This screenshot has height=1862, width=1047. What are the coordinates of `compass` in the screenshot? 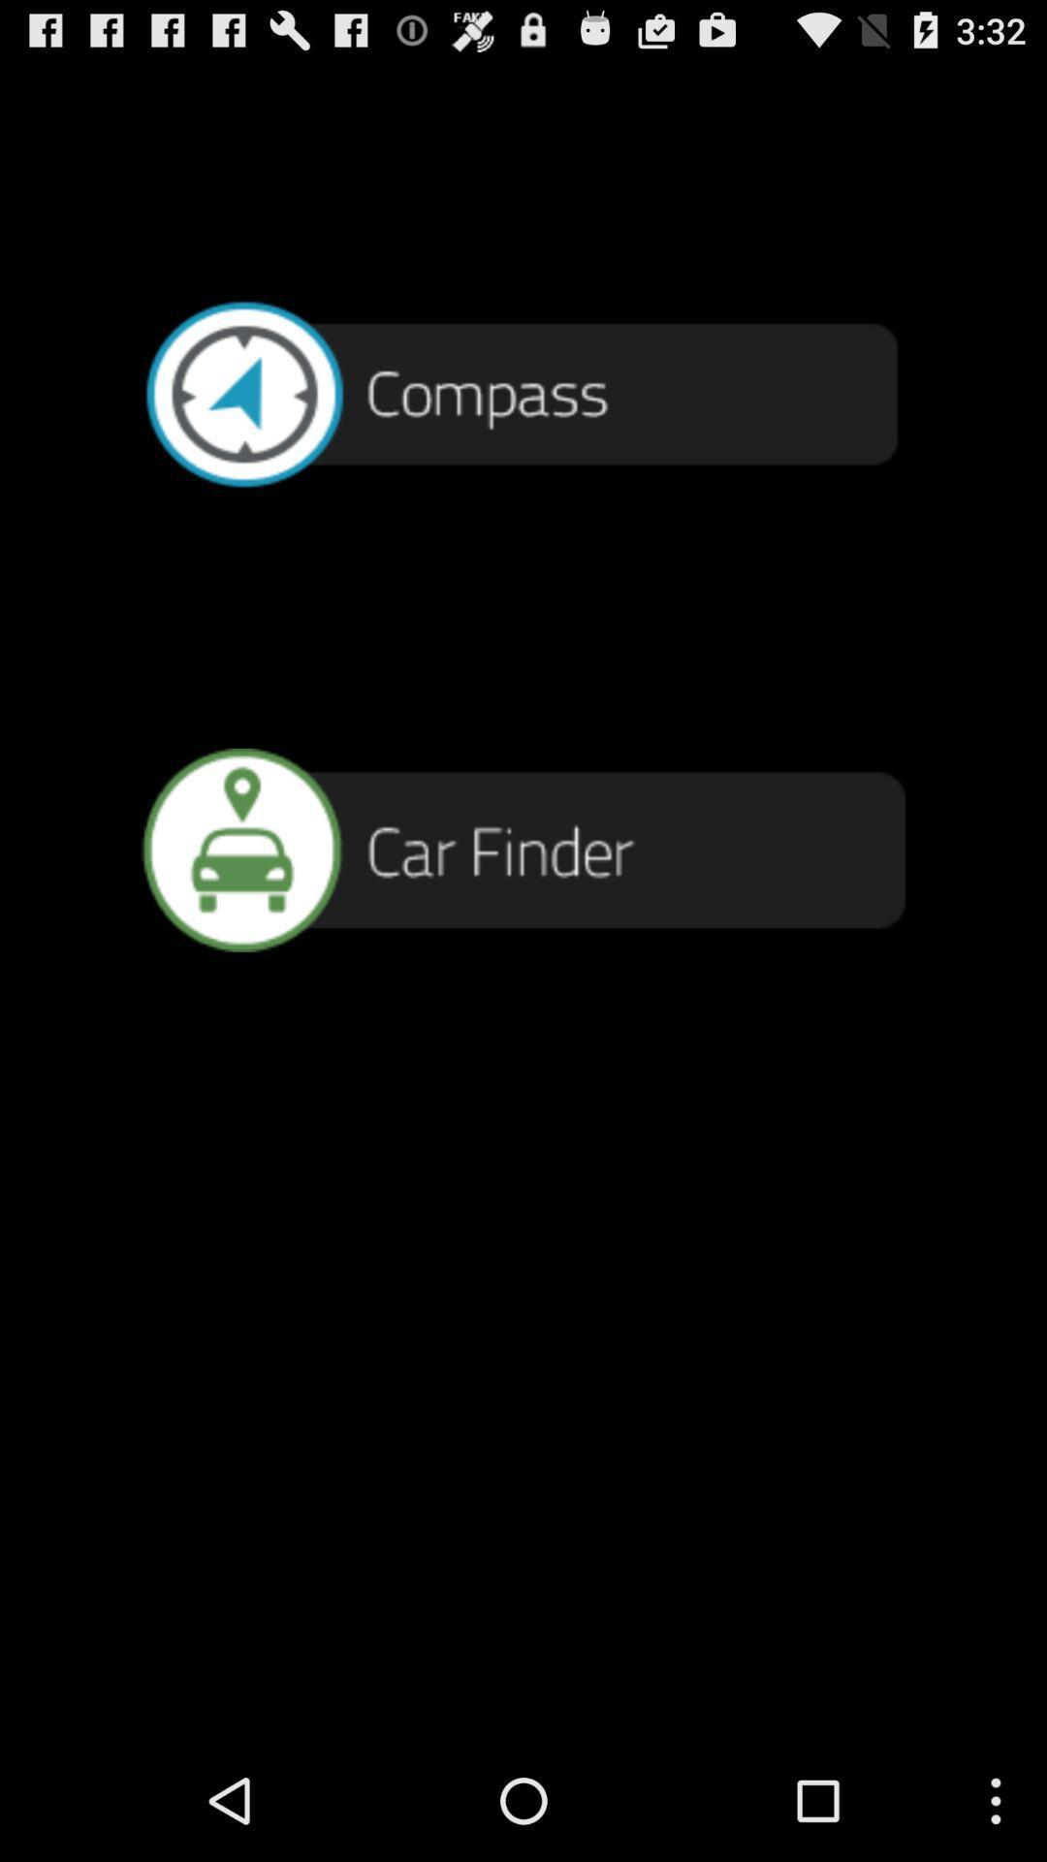 It's located at (523, 391).